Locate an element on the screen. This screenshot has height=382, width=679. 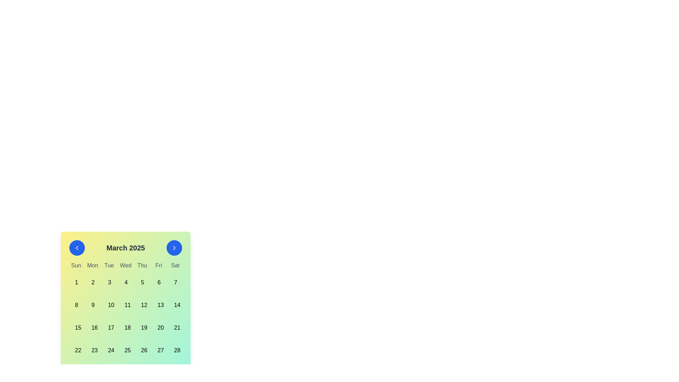
the circular blue button with a rightward-pointing arrow icon located at the rightmost edge of the header bar containing 'March 2025' is located at coordinates (174, 248).